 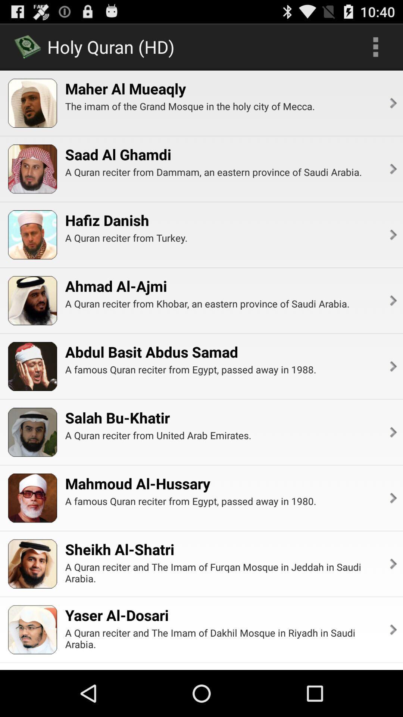 What do you see at coordinates (151, 351) in the screenshot?
I see `the icon below a quran reciter app` at bounding box center [151, 351].